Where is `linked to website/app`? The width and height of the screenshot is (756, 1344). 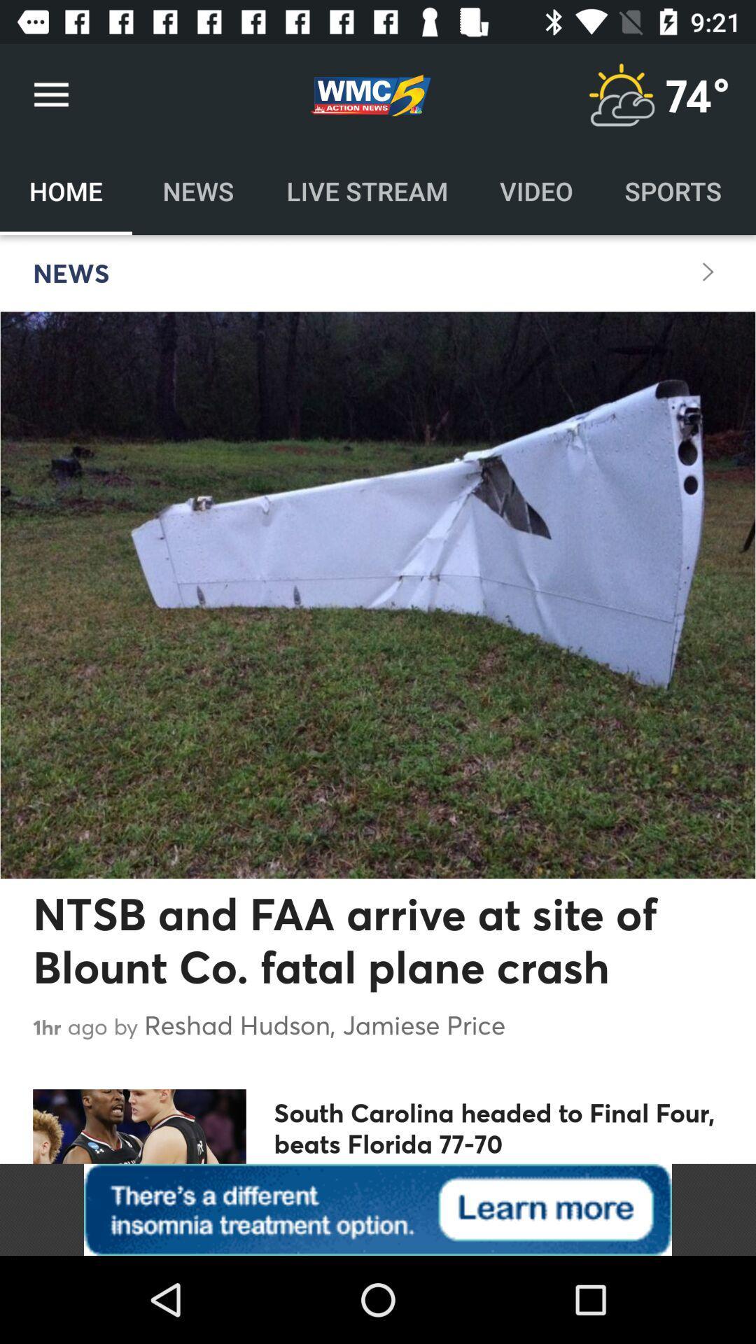
linked to website/app is located at coordinates (378, 1209).